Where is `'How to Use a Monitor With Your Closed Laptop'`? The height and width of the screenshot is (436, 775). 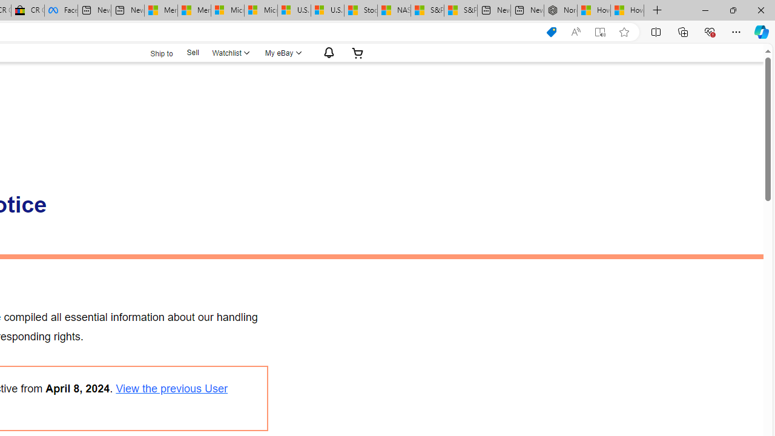 'How to Use a Monitor With Your Closed Laptop' is located at coordinates (627, 10).